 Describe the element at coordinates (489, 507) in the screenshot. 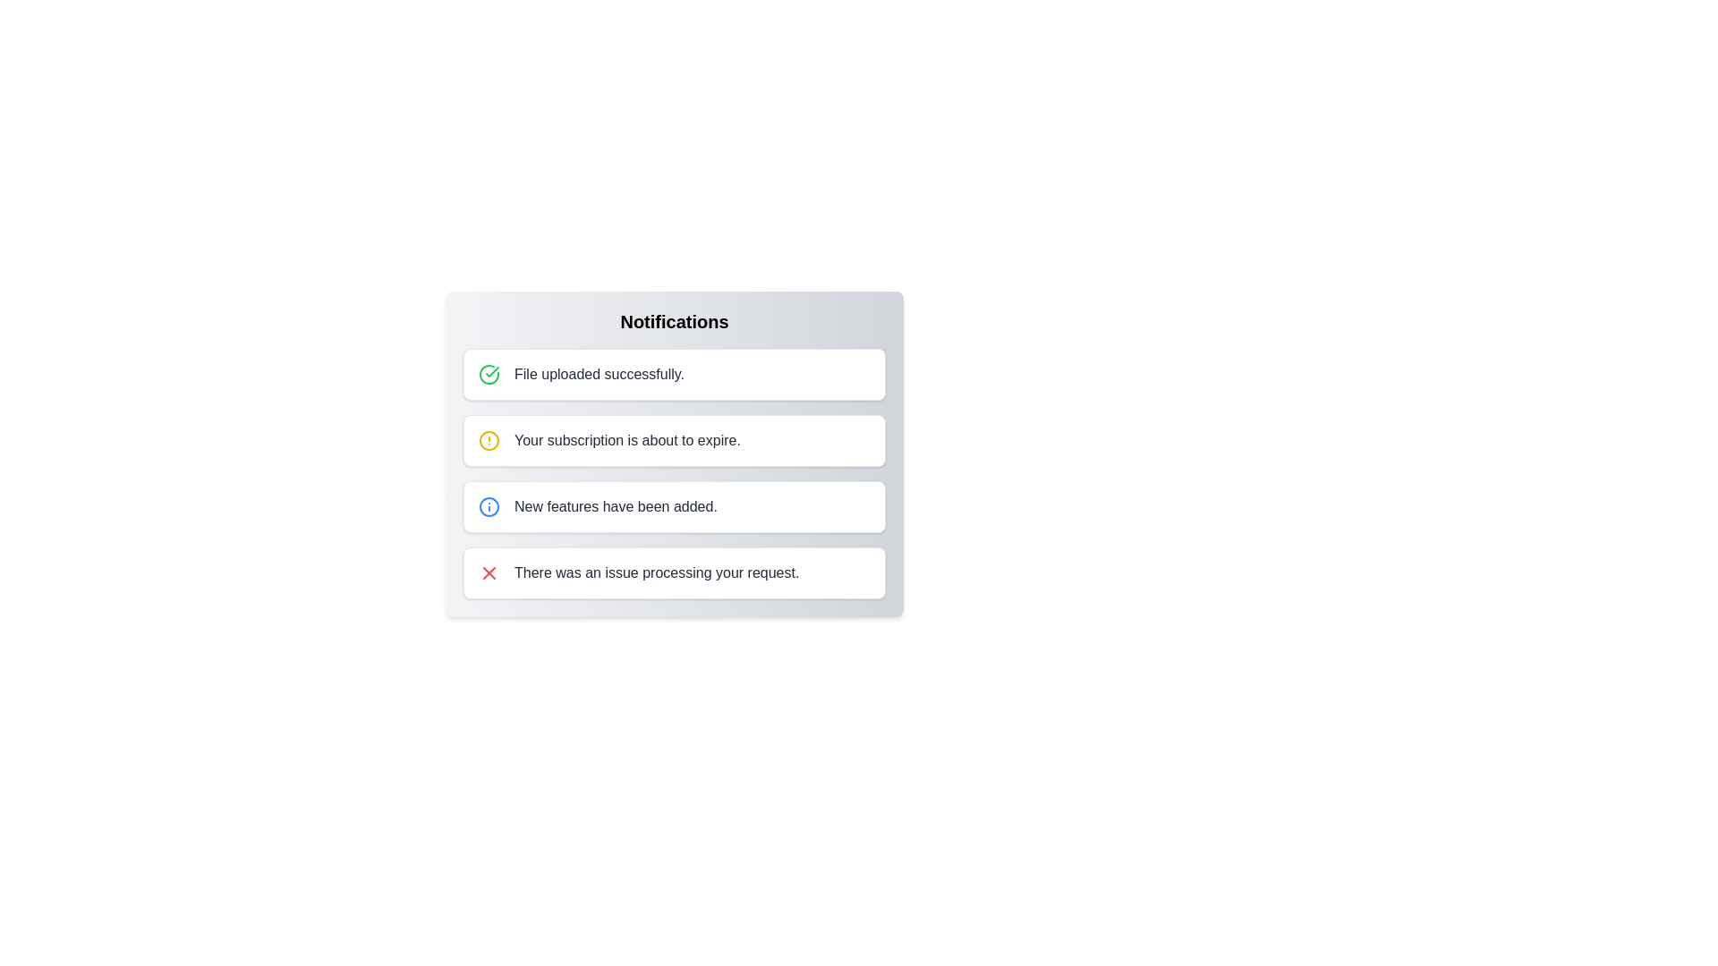

I see `the circular blue stroke element representing the information symbol located in the notification panel under 'Notifications'` at that location.